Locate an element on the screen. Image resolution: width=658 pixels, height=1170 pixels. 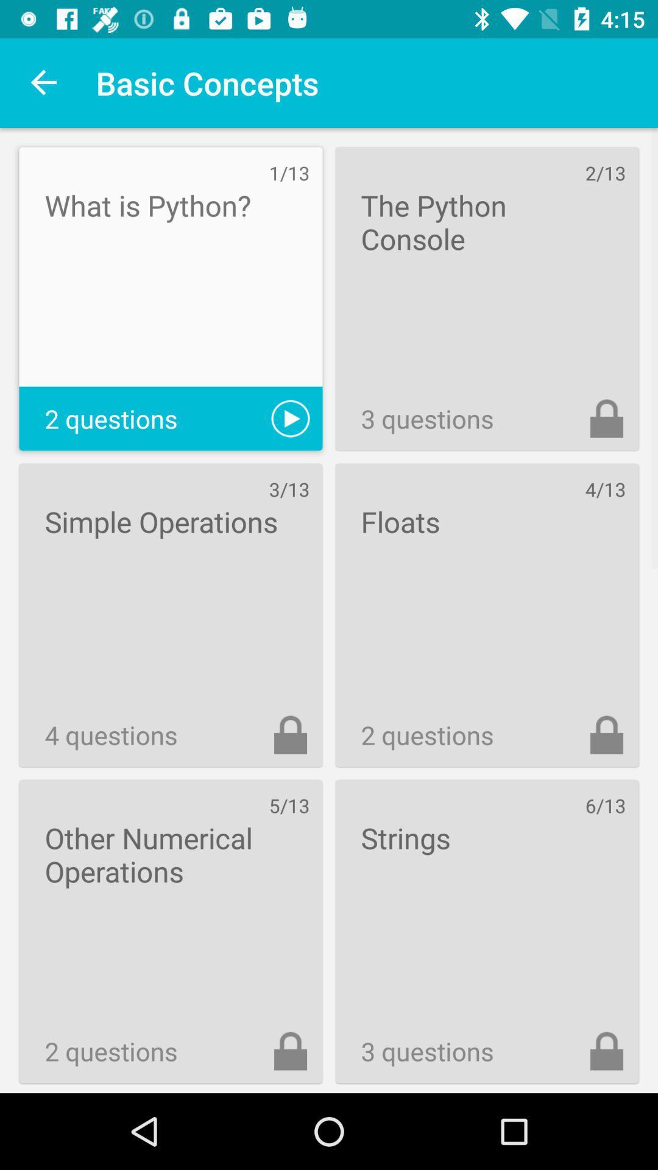
the icon to the left of basic concepts item is located at coordinates (44, 82).